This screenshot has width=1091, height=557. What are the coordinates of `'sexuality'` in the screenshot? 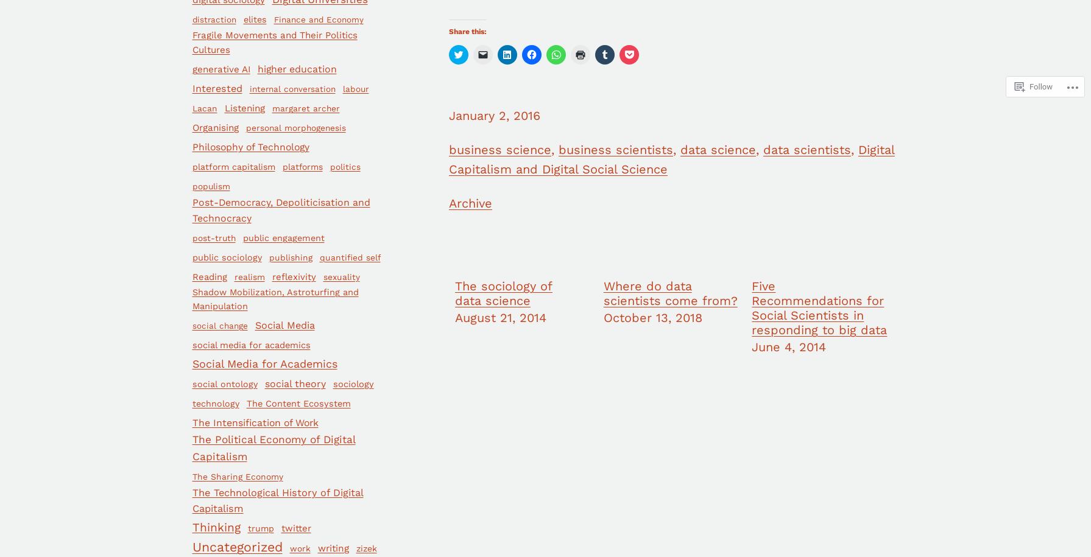 It's located at (341, 276).